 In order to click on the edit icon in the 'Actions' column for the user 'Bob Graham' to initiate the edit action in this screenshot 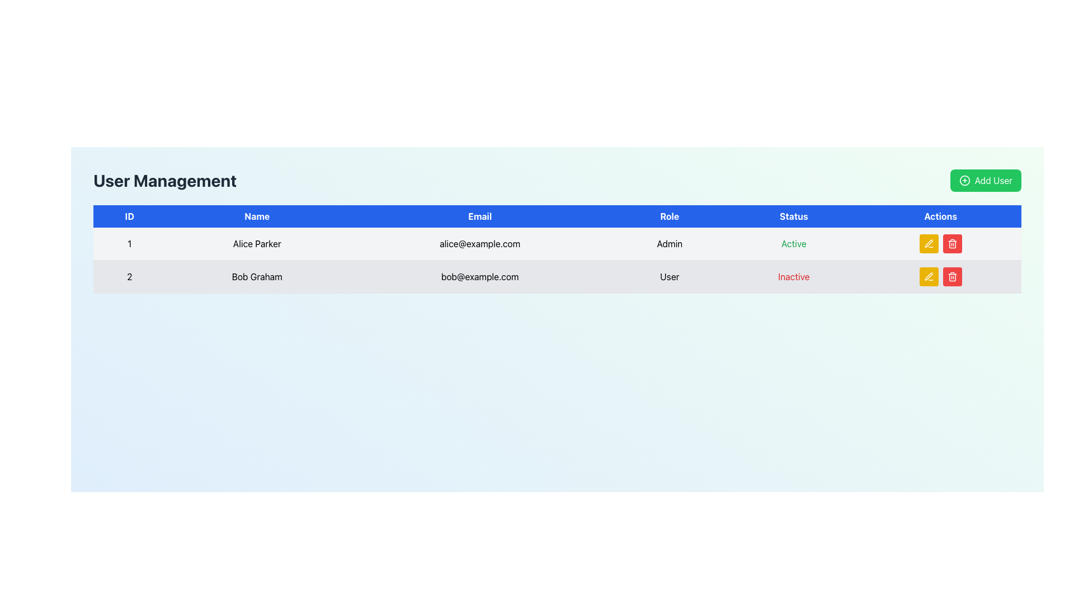, I will do `click(929, 276)`.